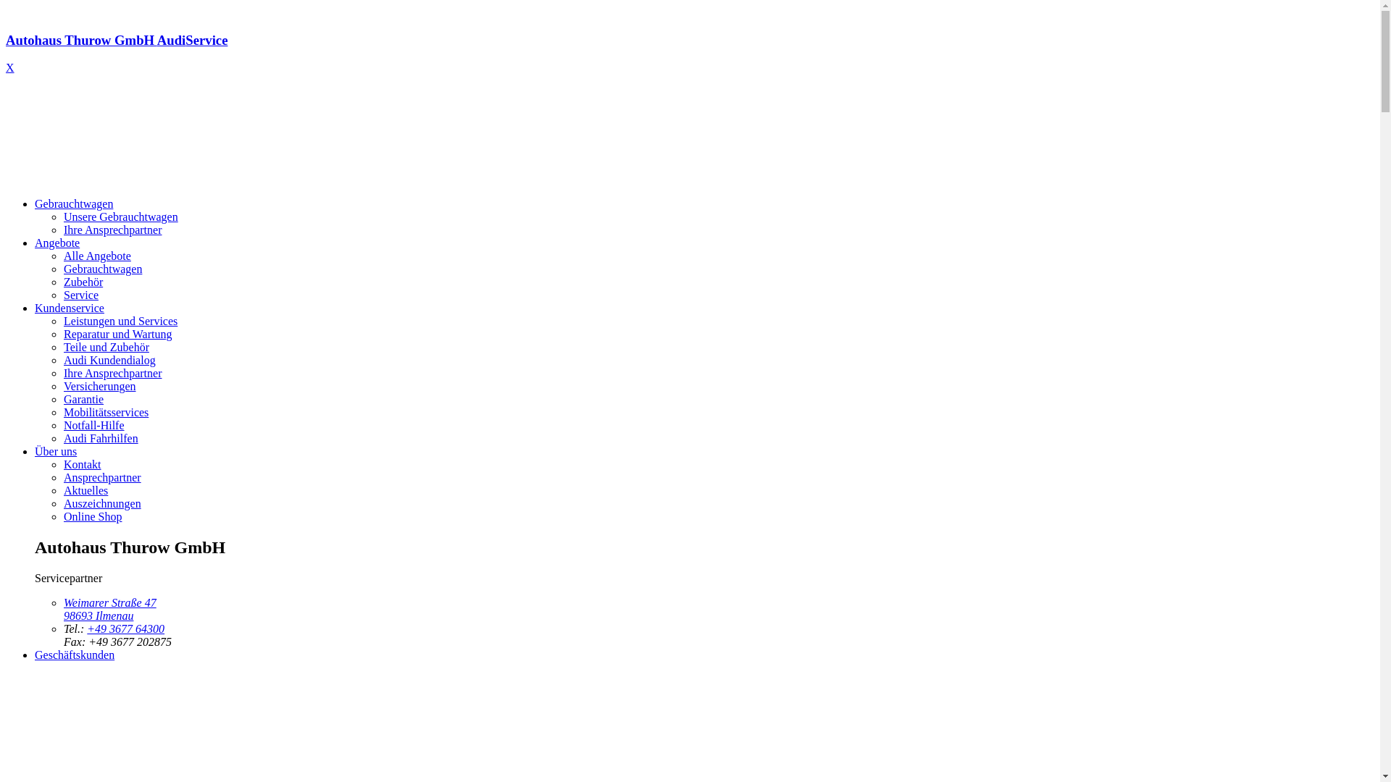  Describe the element at coordinates (112, 372) in the screenshot. I see `'Ihre Ansprechpartner'` at that location.